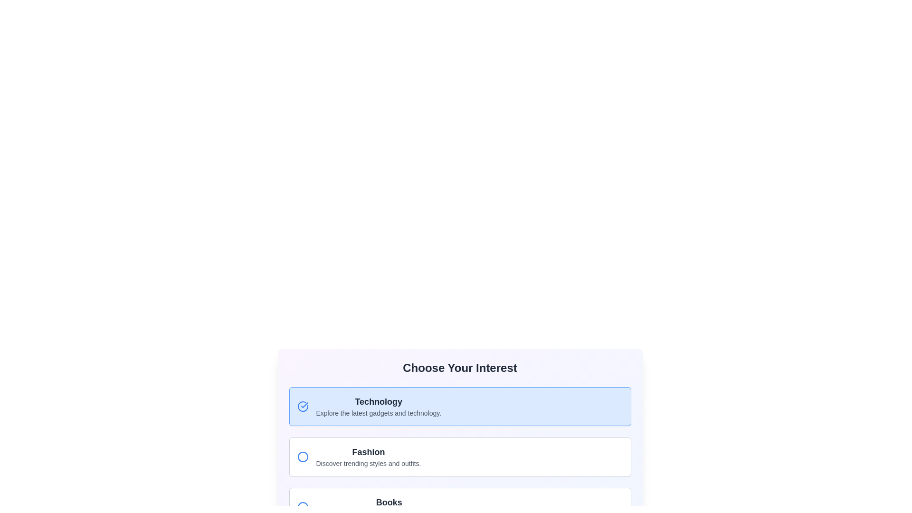 This screenshot has height=513, width=912. I want to click on the Text Section with Title 'Fashion' and Subtitle 'Discover trending styles and outfits', so click(368, 456).